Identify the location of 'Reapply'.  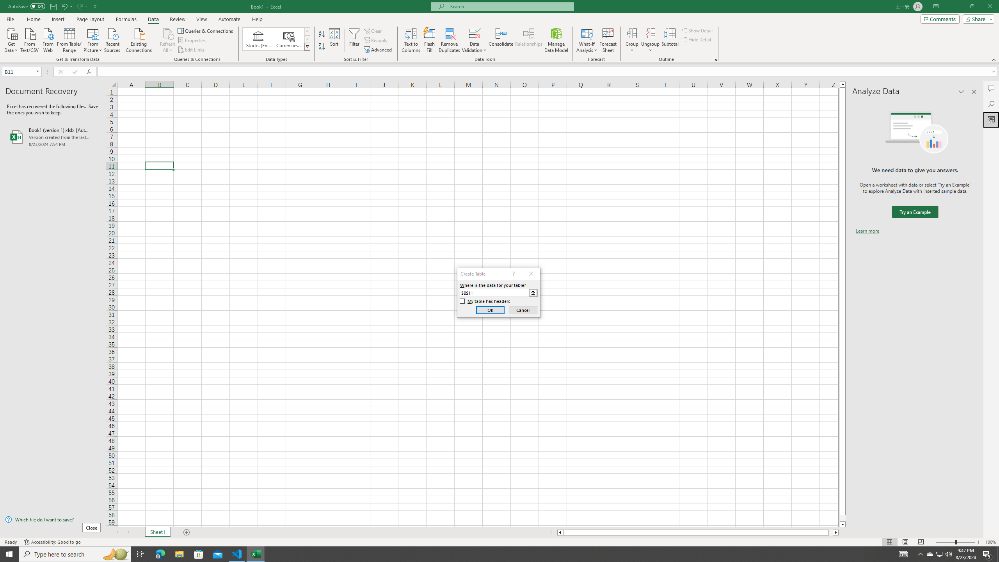
(377, 40).